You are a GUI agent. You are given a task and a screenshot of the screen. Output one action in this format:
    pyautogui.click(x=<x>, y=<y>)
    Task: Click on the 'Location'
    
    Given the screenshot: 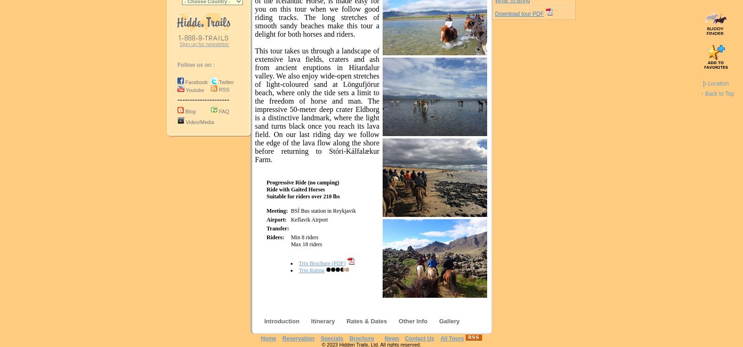 What is the action you would take?
    pyautogui.click(x=717, y=84)
    